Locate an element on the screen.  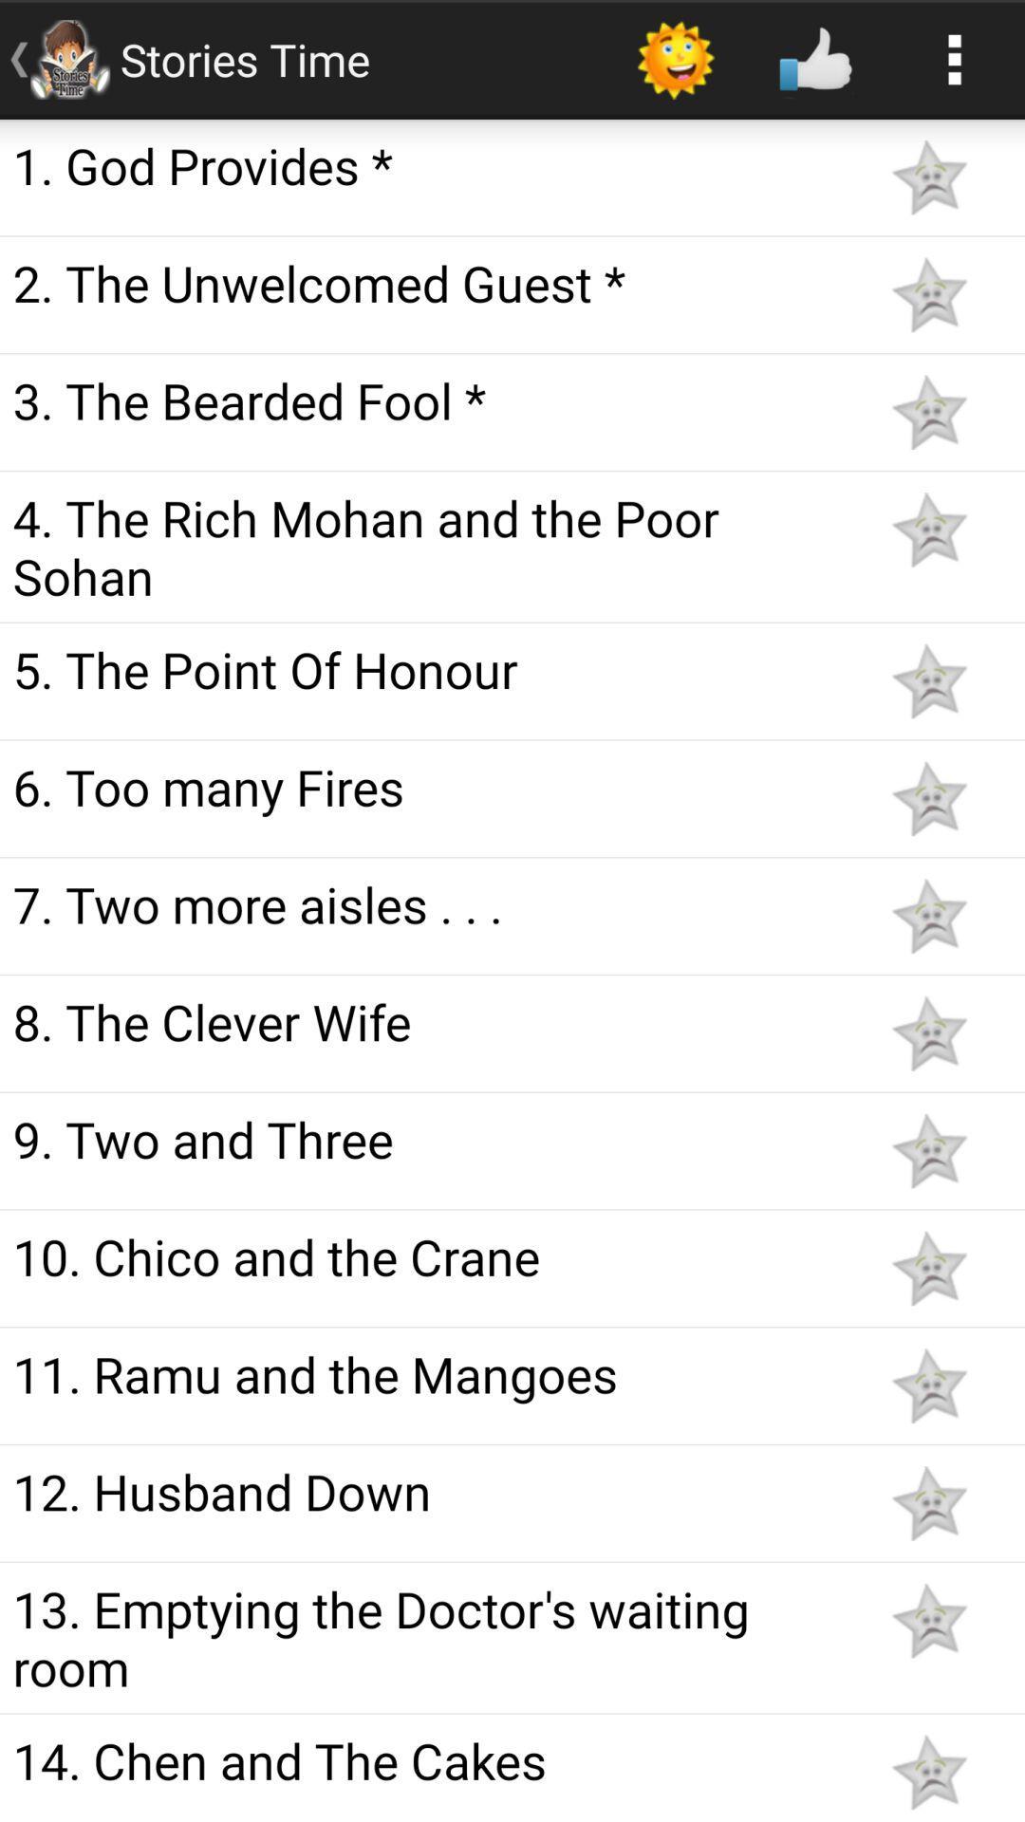
6 too many is located at coordinates (429, 787).